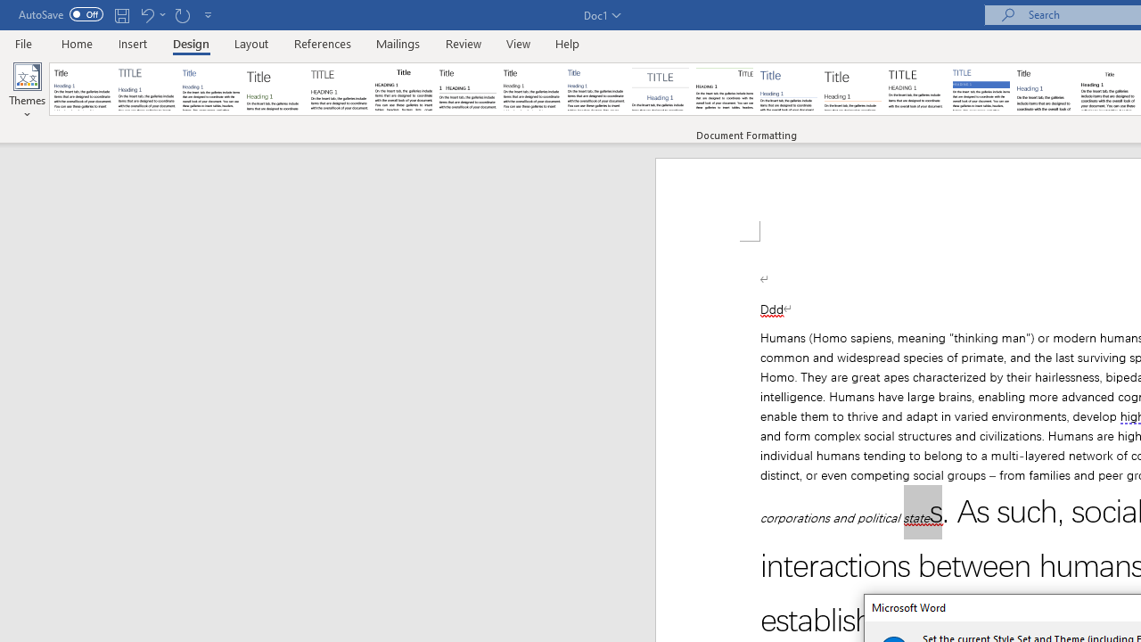  What do you see at coordinates (340, 89) in the screenshot?
I see `'Black & White (Capitalized)'` at bounding box center [340, 89].